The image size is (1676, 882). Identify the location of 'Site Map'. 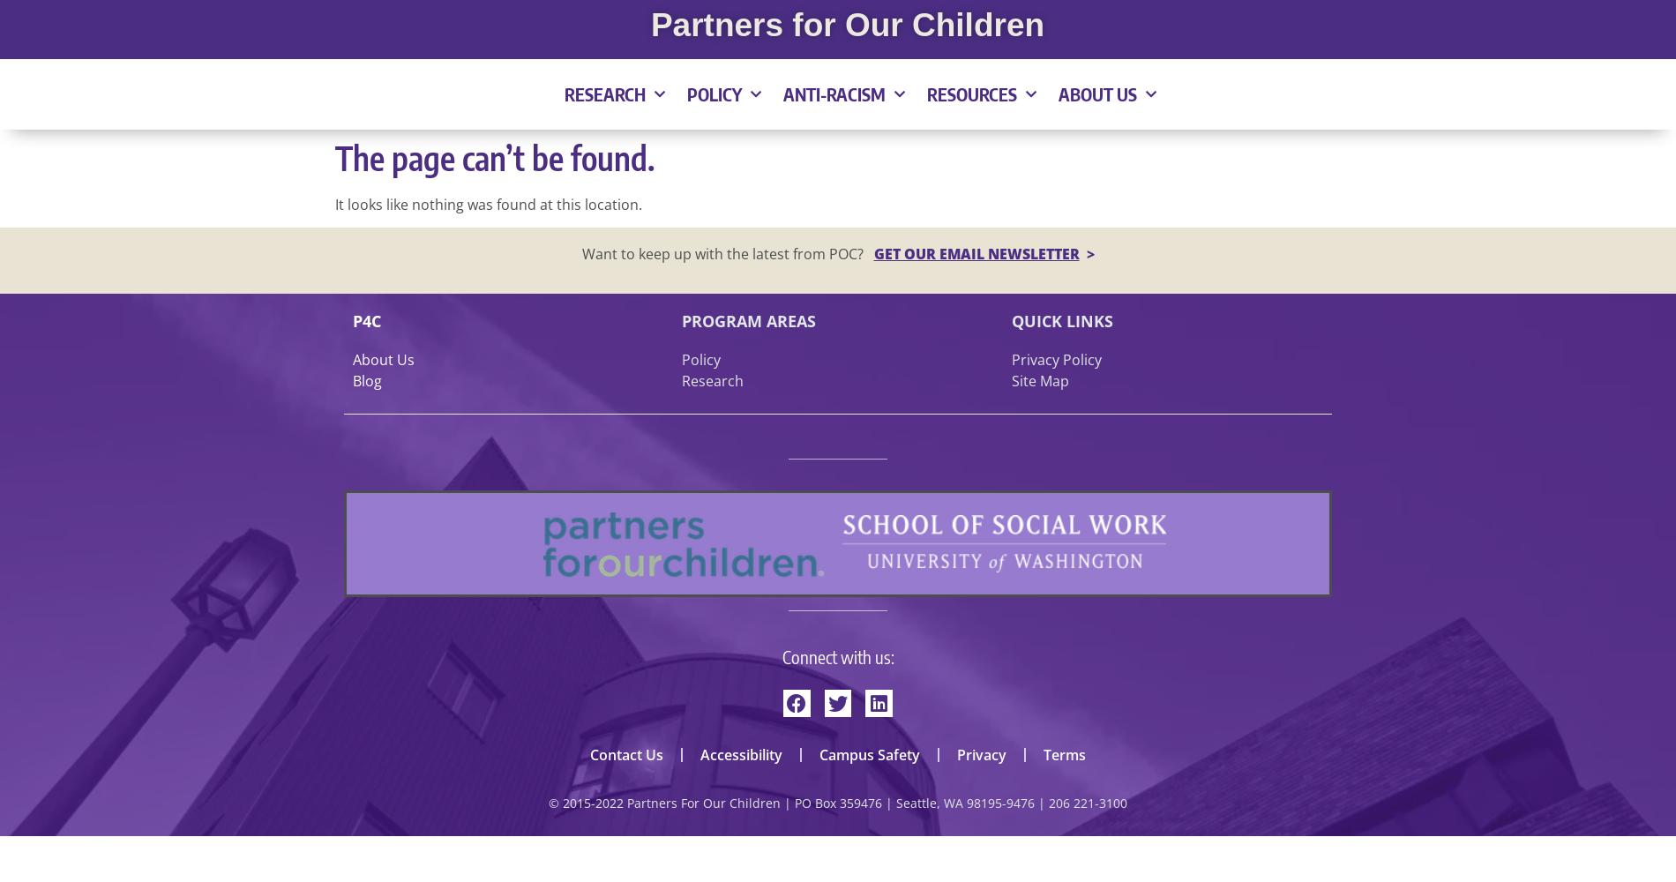
(1039, 381).